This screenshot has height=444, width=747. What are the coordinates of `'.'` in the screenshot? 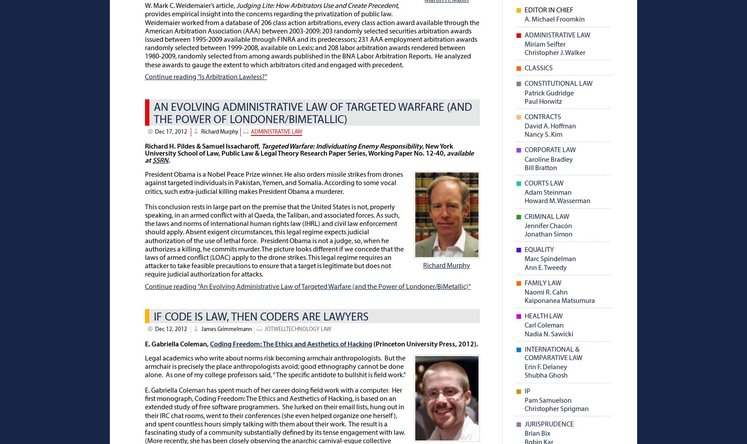 It's located at (169, 161).